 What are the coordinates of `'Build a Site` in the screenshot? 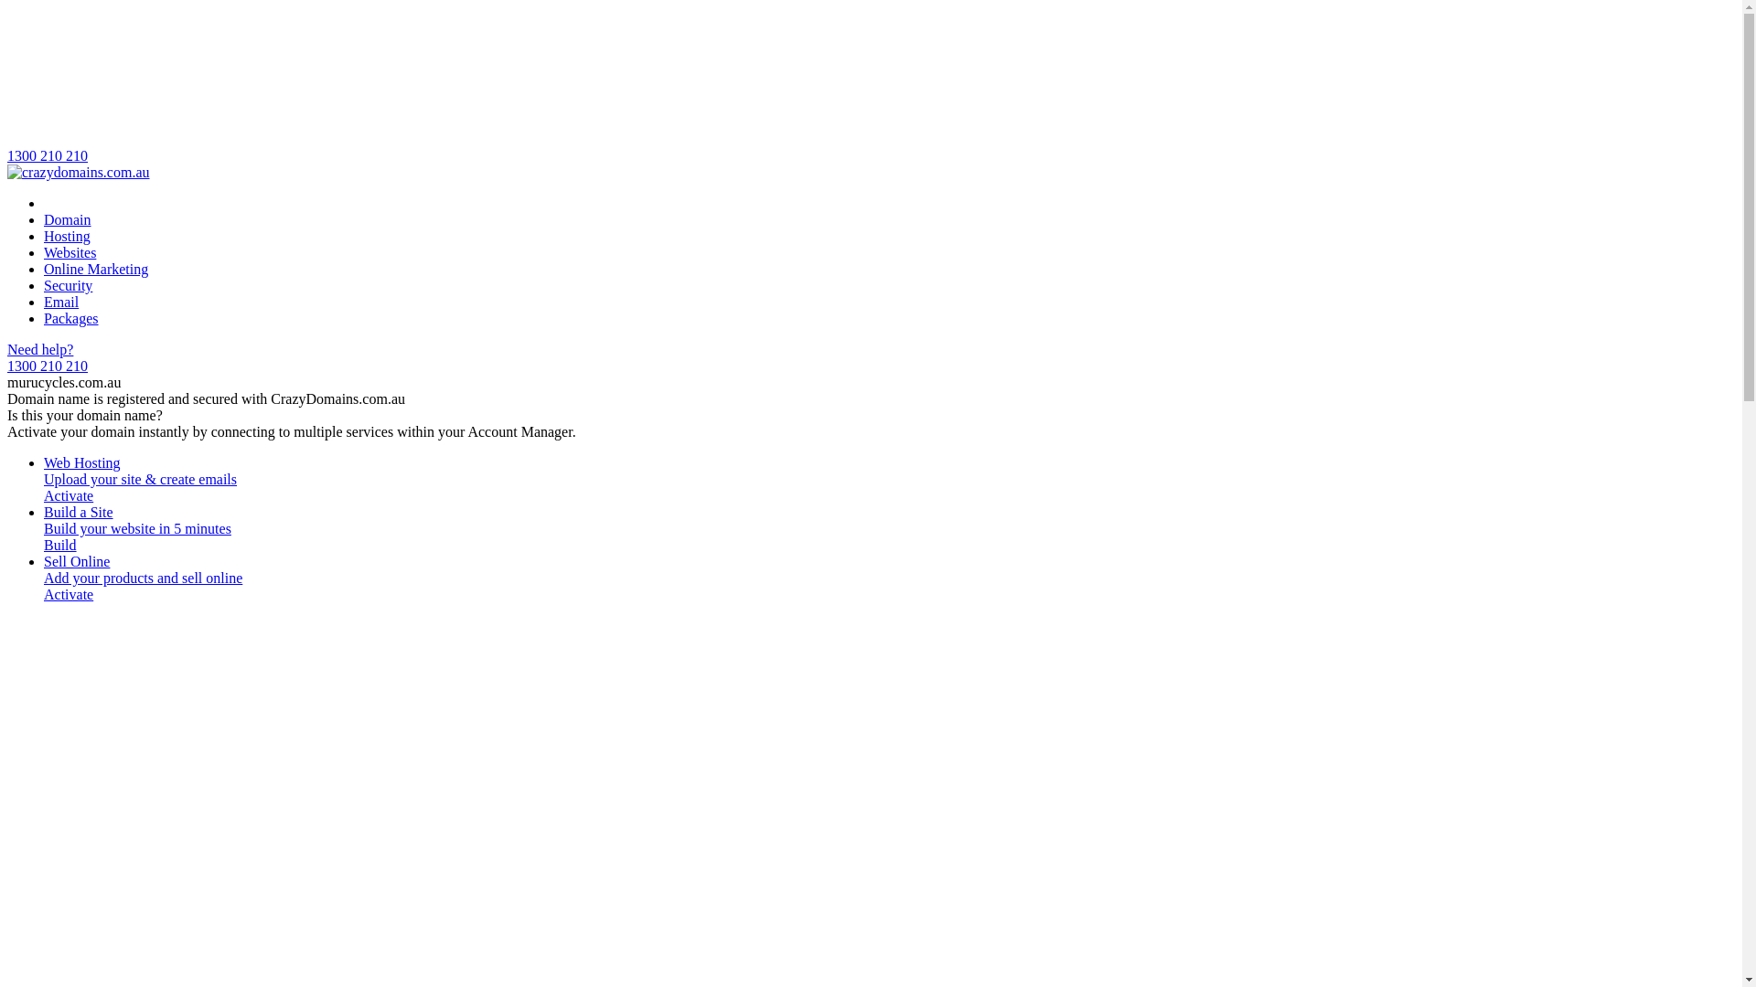 It's located at (889, 528).